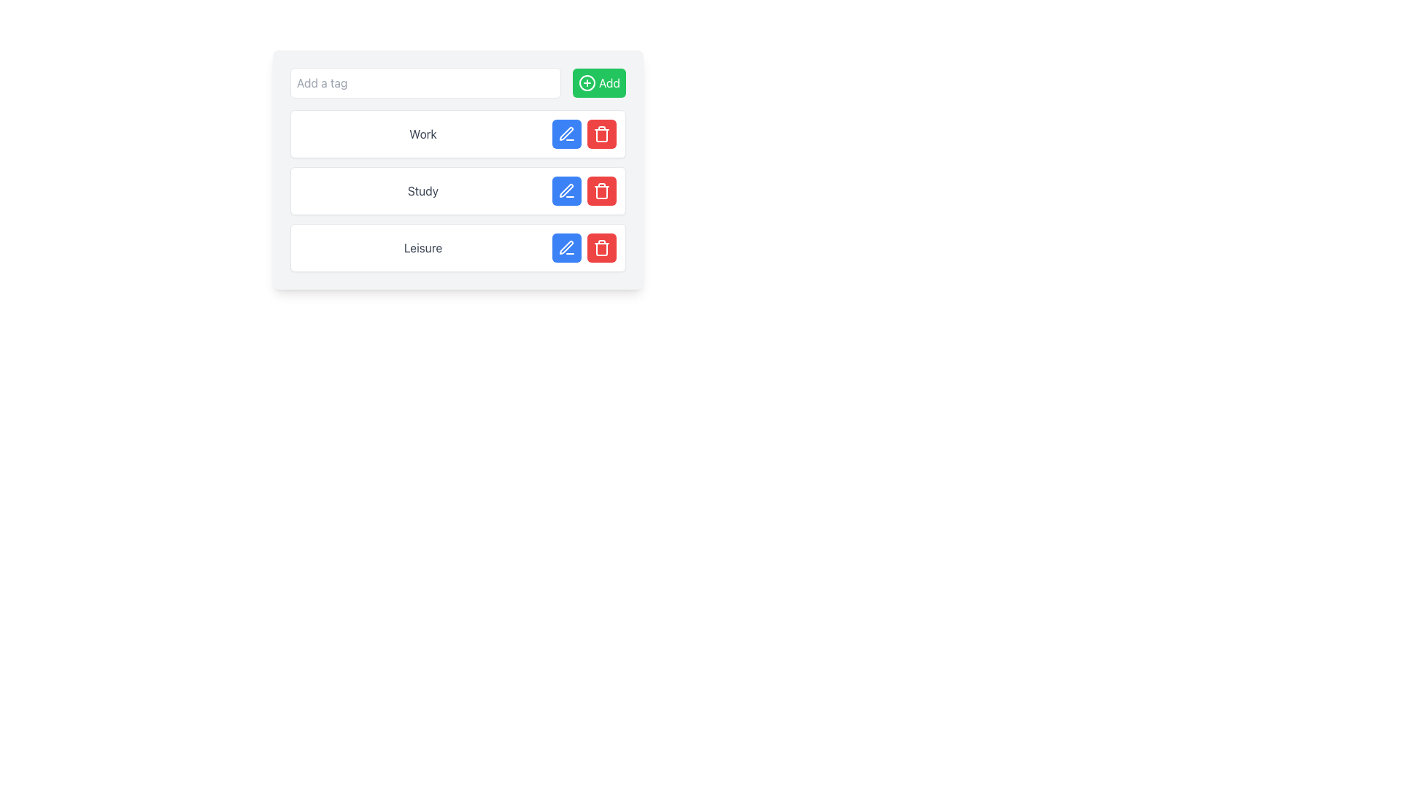 The height and width of the screenshot is (788, 1401). I want to click on the trash icon located in the list item labeled 'Study', which is positioned in the third column and second row, so click(602, 190).